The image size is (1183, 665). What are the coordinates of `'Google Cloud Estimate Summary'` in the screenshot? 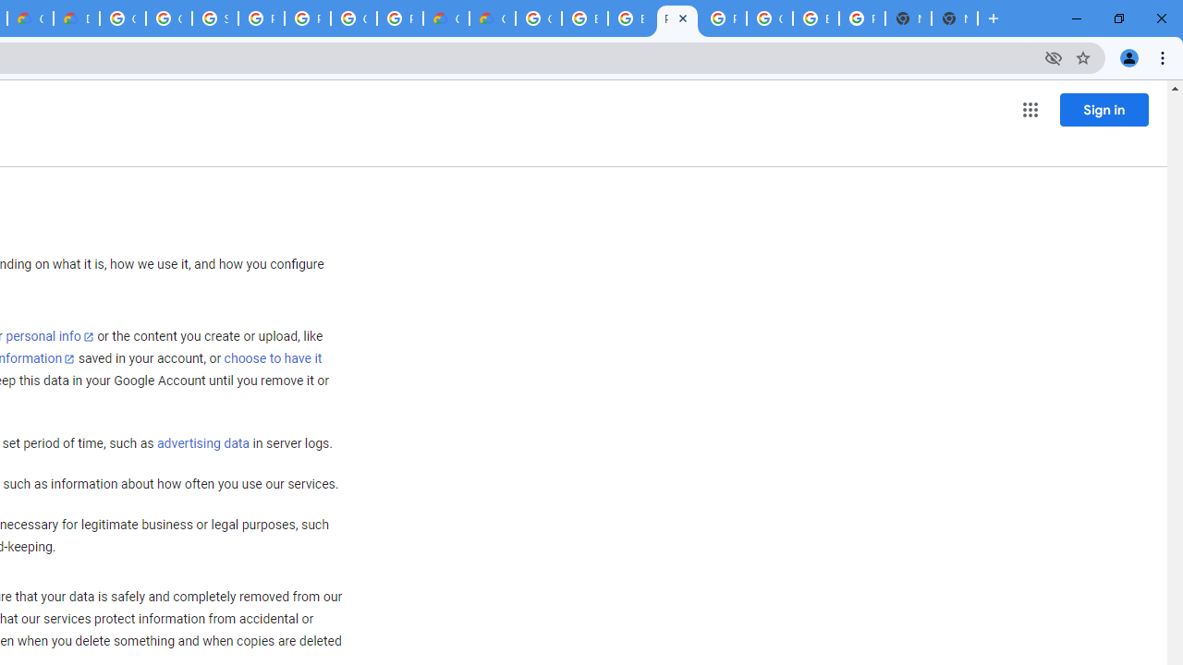 It's located at (493, 18).